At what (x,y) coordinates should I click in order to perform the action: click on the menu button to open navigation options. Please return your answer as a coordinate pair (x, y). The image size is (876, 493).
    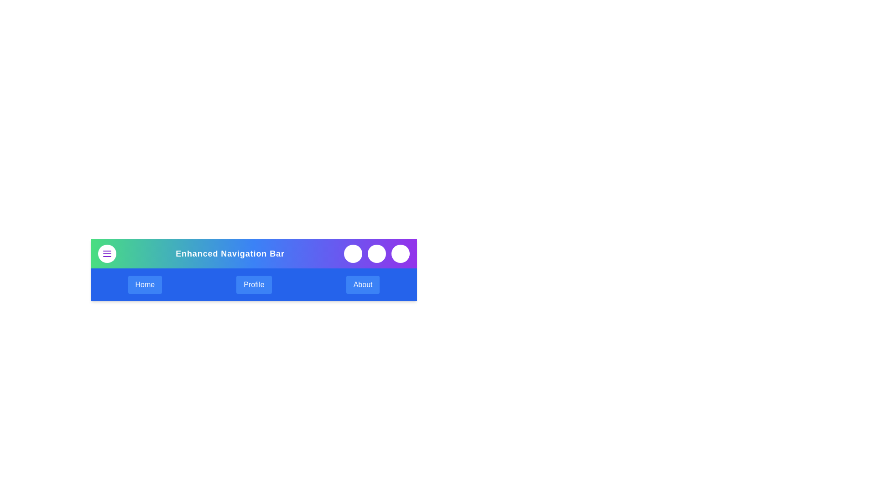
    Looking at the image, I should click on (107, 253).